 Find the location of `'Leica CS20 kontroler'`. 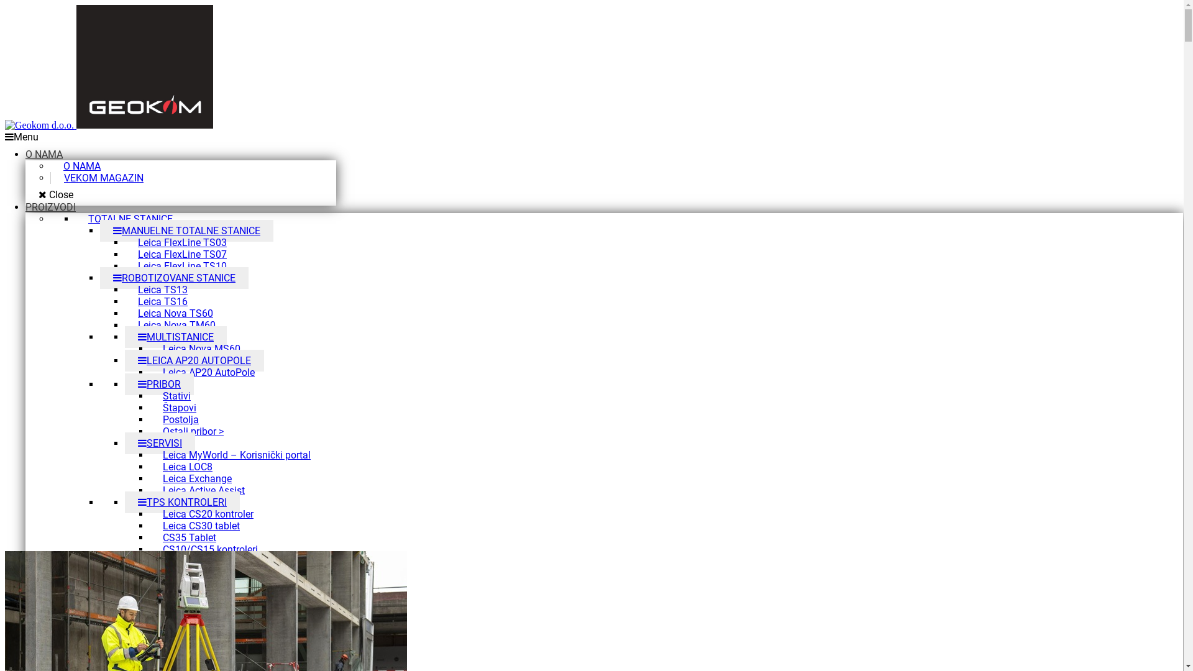

'Leica CS20 kontroler' is located at coordinates (208, 514).